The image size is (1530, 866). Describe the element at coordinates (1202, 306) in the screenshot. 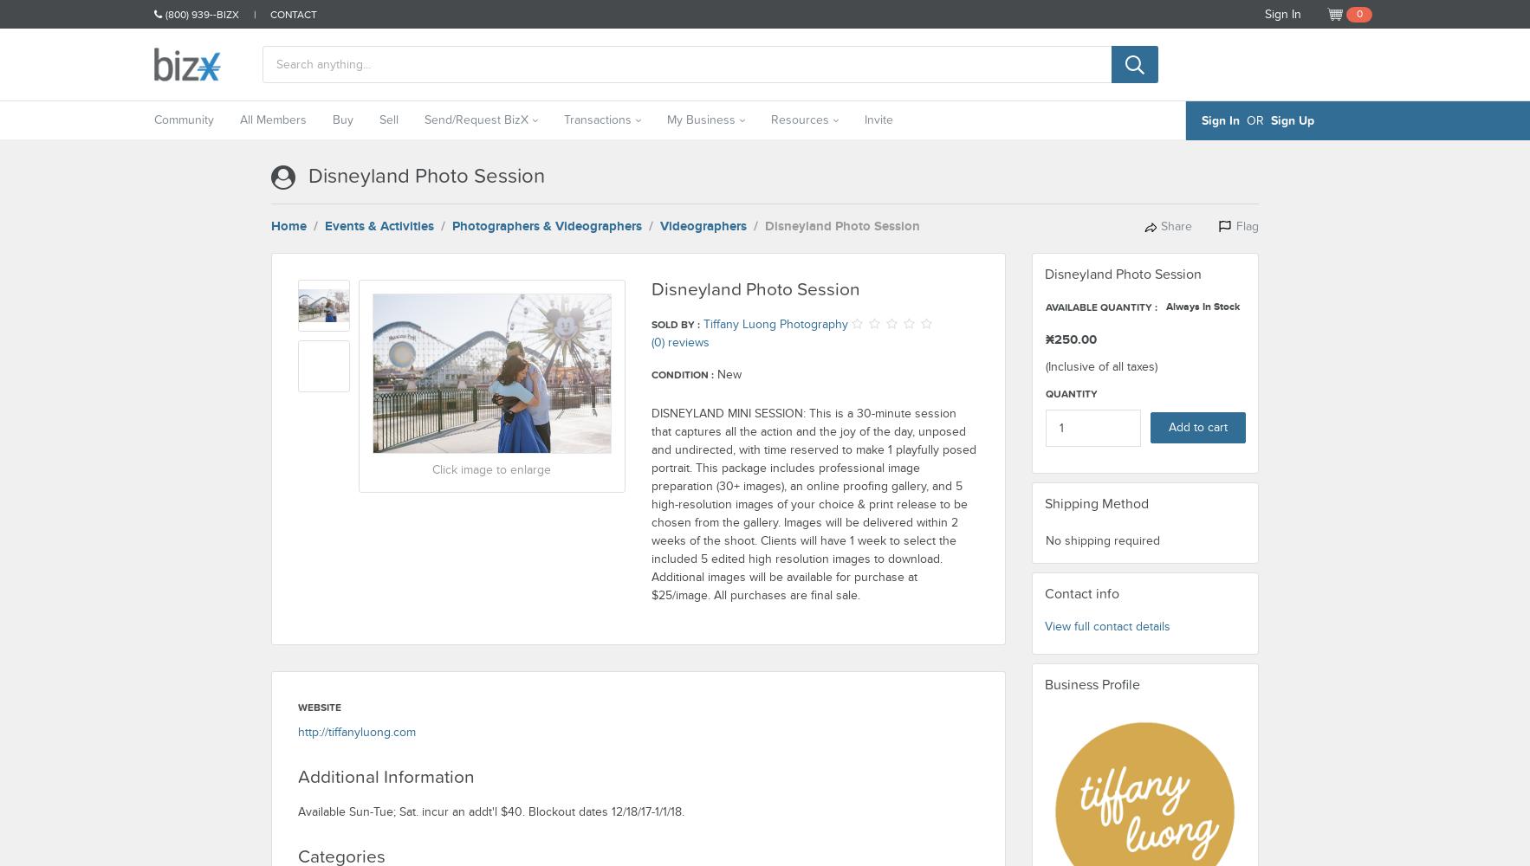

I see `'Always In Stock'` at that location.